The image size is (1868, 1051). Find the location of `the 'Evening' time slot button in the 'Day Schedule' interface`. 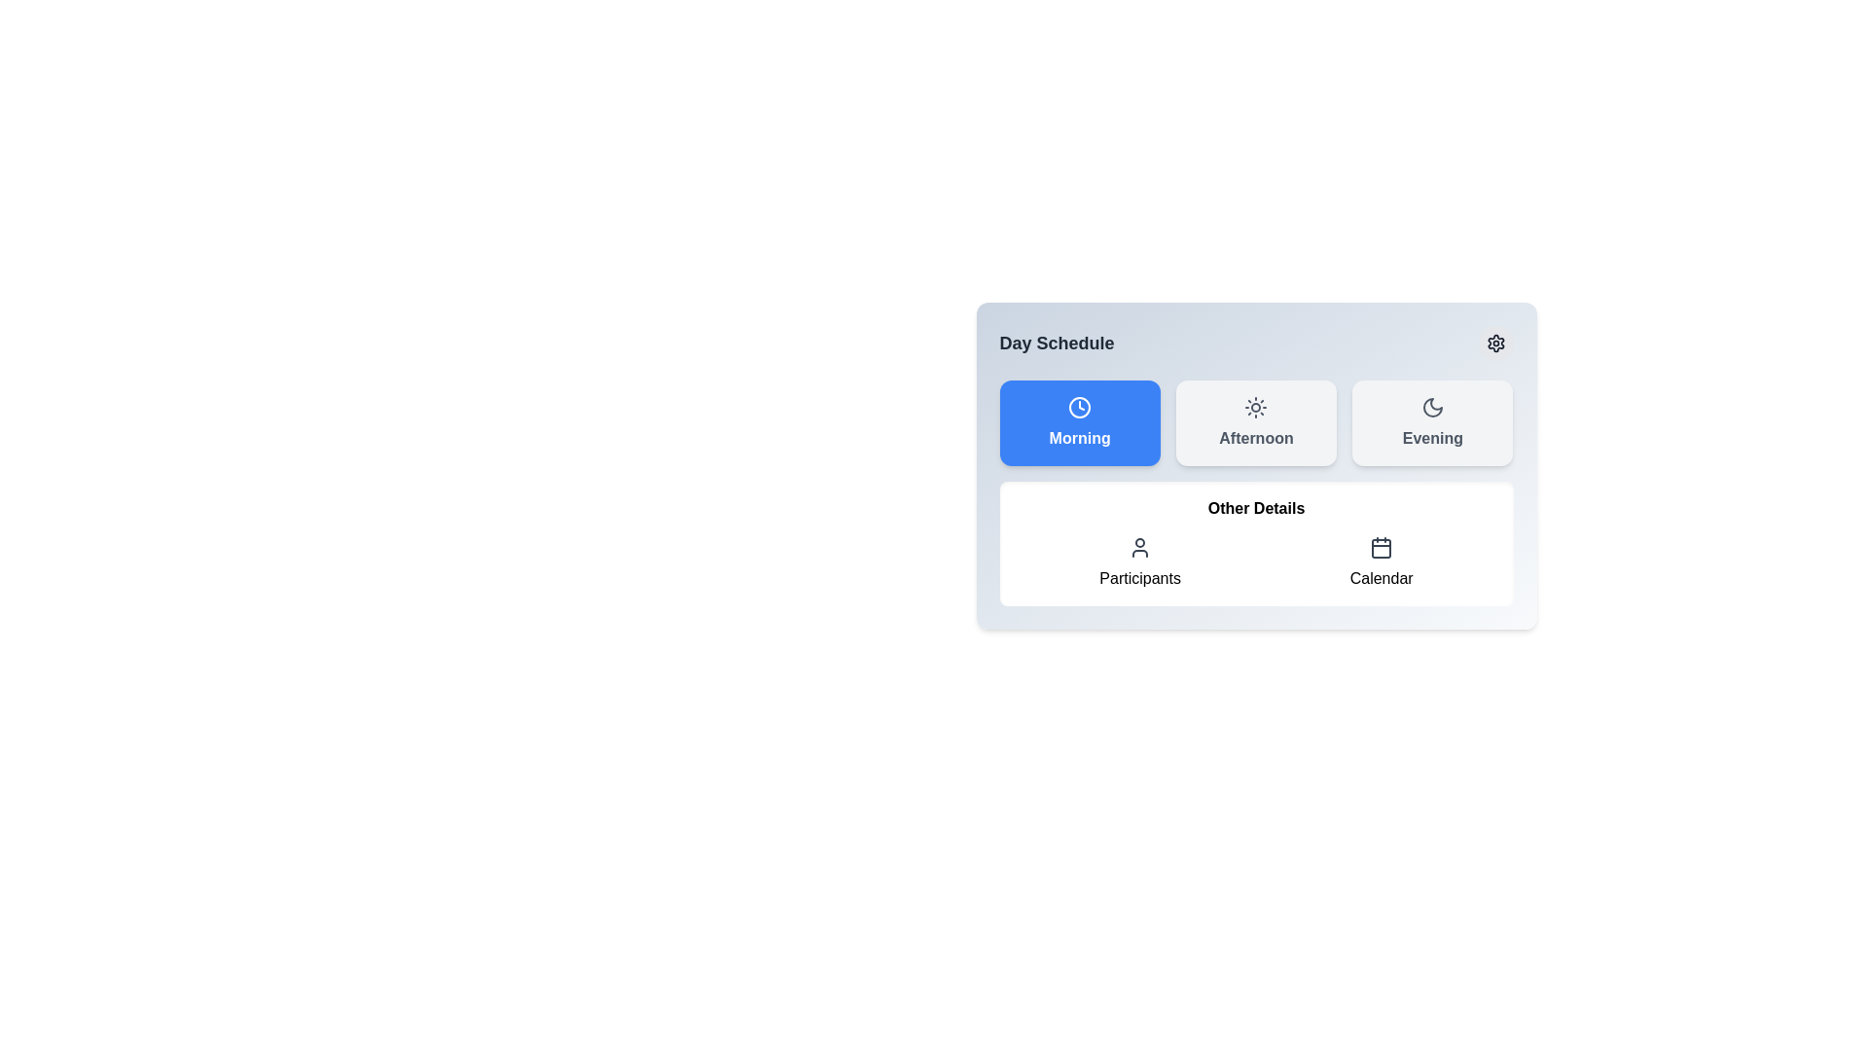

the 'Evening' time slot button in the 'Day Schedule' interface is located at coordinates (1432, 422).